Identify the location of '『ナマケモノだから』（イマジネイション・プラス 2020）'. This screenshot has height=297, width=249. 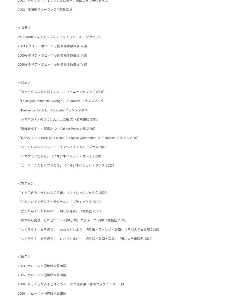
(60, 156).